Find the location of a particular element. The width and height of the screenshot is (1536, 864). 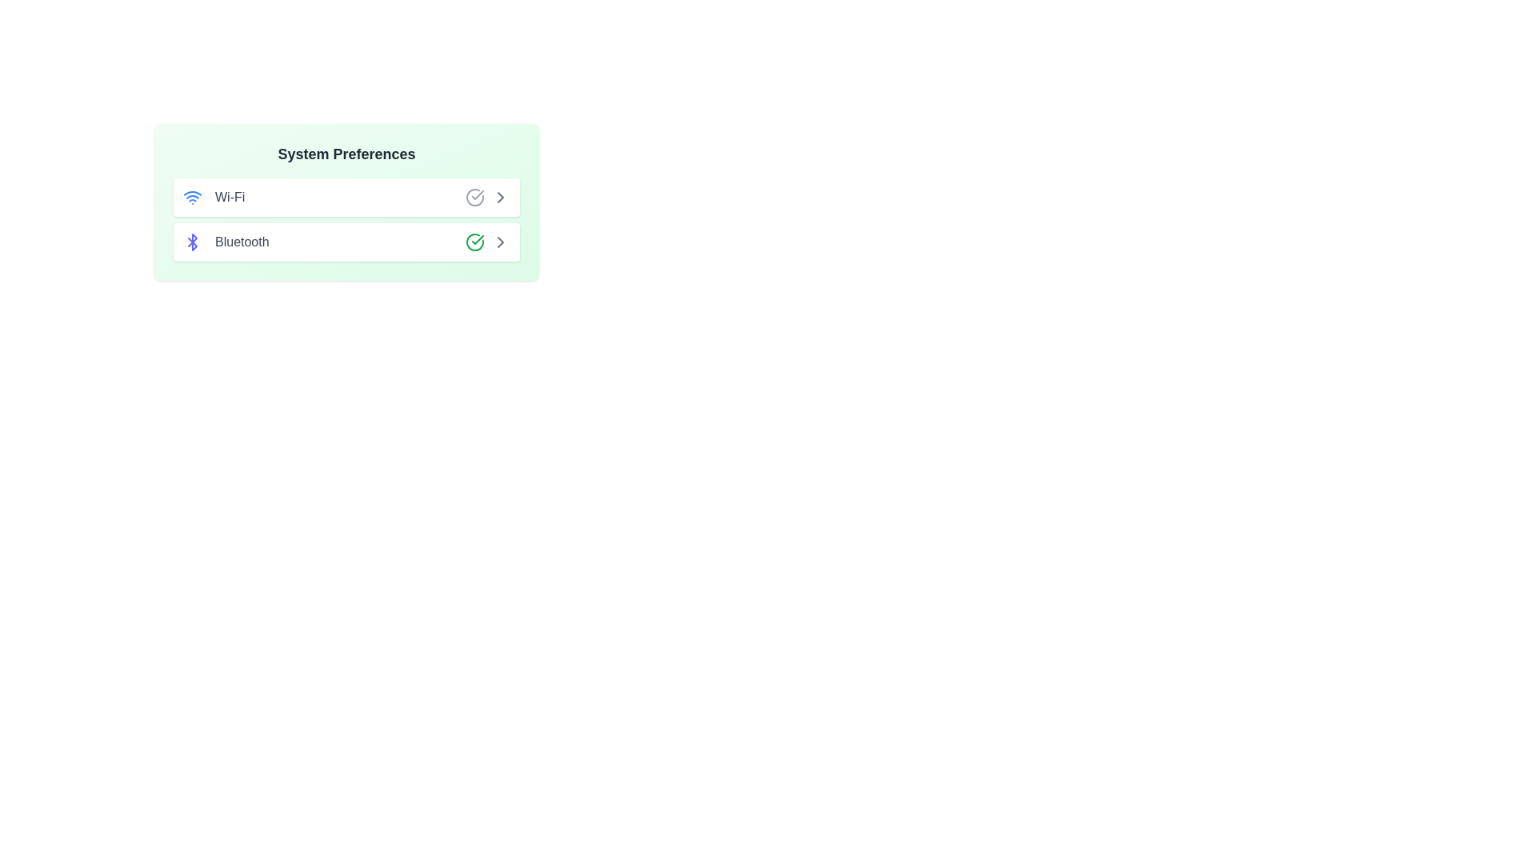

the arrow icon next to Bluetooth to toggle its status is located at coordinates (499, 242).